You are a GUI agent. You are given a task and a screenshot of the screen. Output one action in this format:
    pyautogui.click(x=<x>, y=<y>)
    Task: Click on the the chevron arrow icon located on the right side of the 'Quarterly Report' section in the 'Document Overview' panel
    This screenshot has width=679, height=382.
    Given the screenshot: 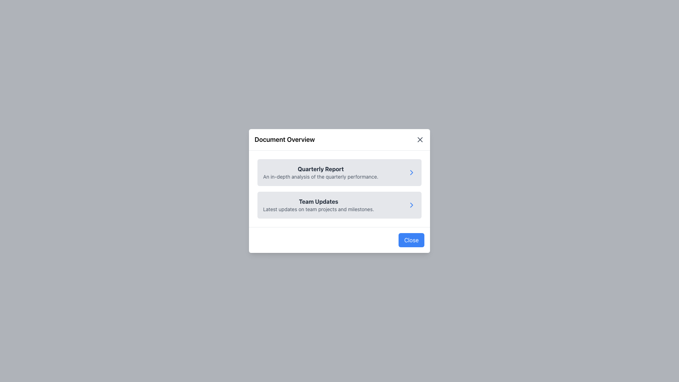 What is the action you would take?
    pyautogui.click(x=411, y=173)
    